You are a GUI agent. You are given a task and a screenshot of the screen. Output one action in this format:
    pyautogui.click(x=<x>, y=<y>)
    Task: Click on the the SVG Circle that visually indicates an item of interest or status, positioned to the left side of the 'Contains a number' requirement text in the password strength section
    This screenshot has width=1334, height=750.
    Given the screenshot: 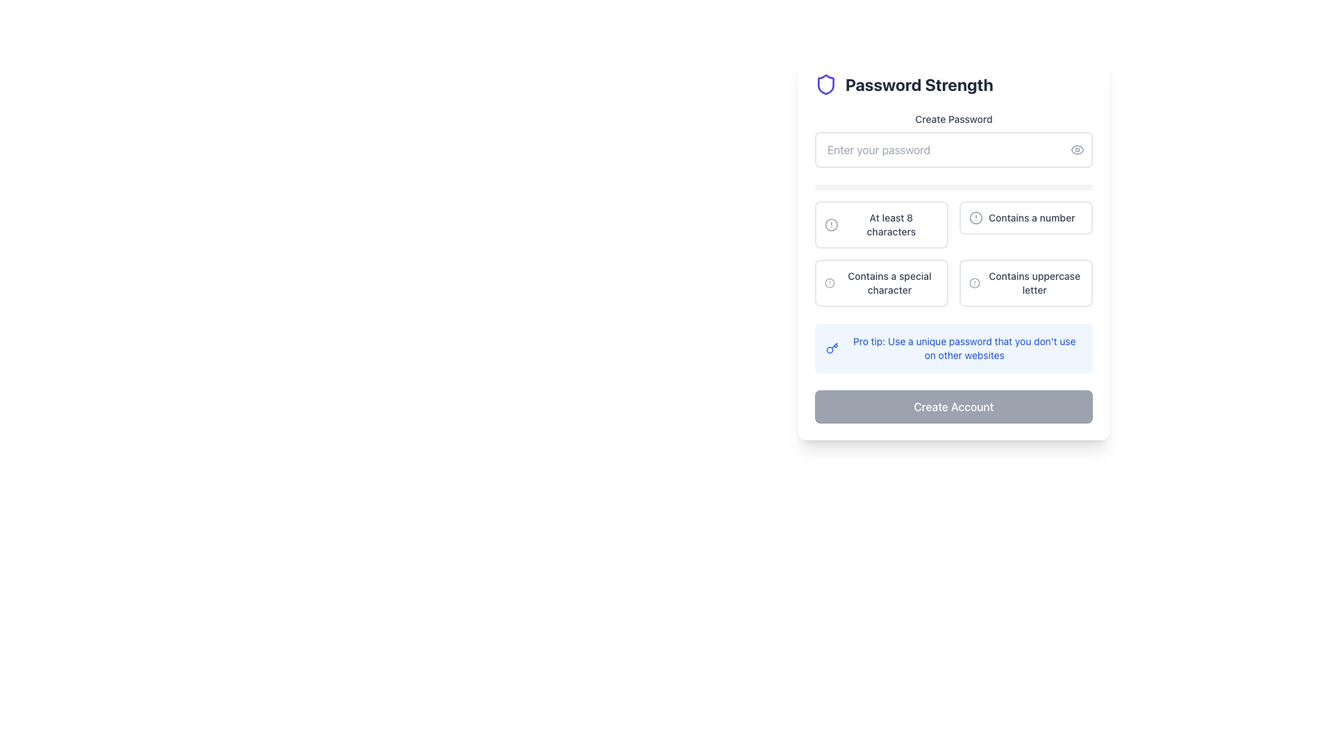 What is the action you would take?
    pyautogui.click(x=975, y=217)
    